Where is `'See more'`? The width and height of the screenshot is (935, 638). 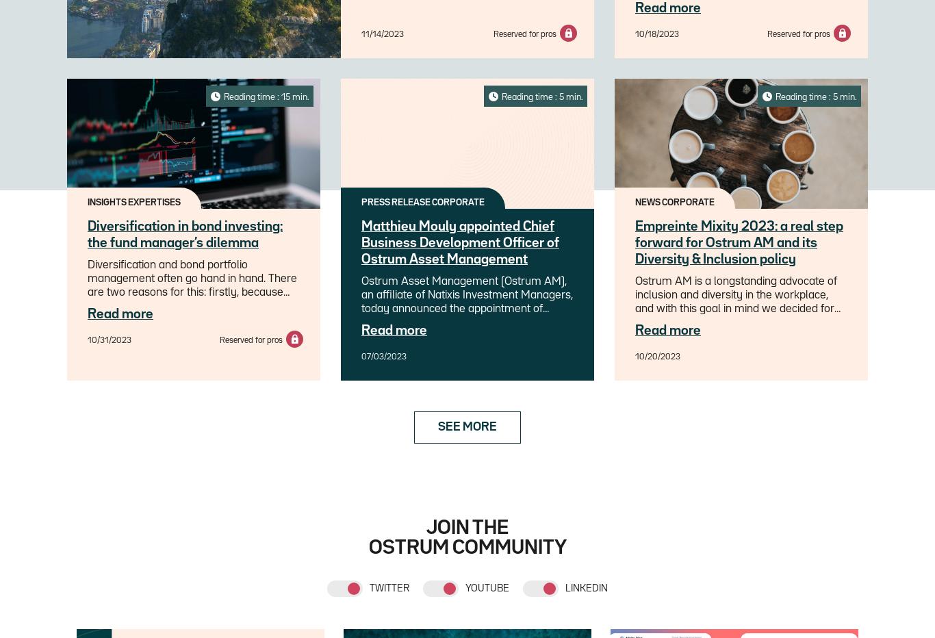
'See more' is located at coordinates (467, 426).